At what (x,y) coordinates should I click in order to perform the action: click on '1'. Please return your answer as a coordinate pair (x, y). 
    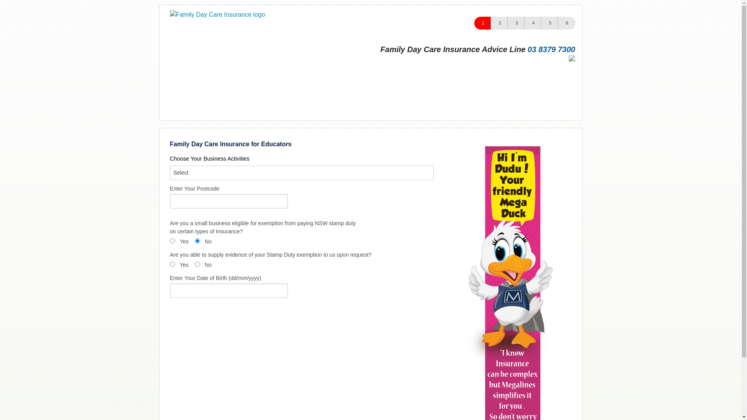
    Looking at the image, I should click on (483, 23).